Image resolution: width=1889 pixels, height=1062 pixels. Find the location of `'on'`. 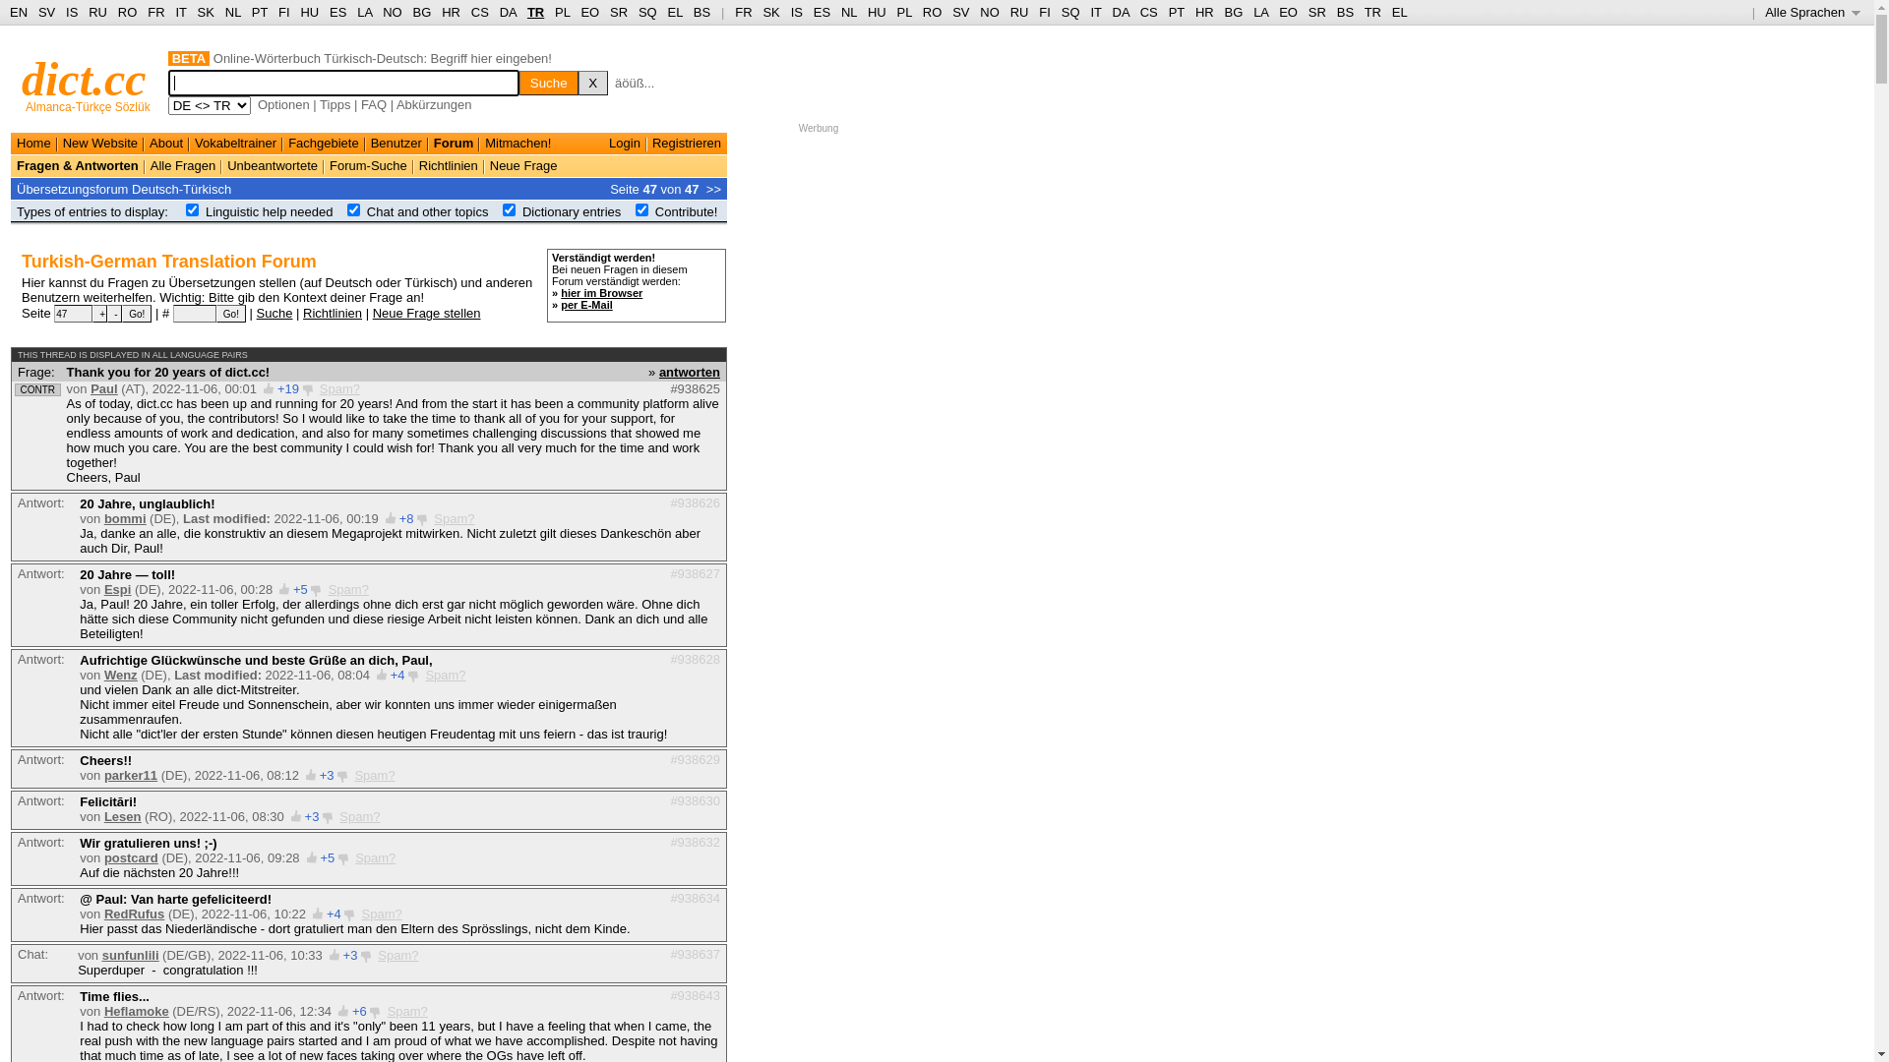

'on' is located at coordinates (641, 209).